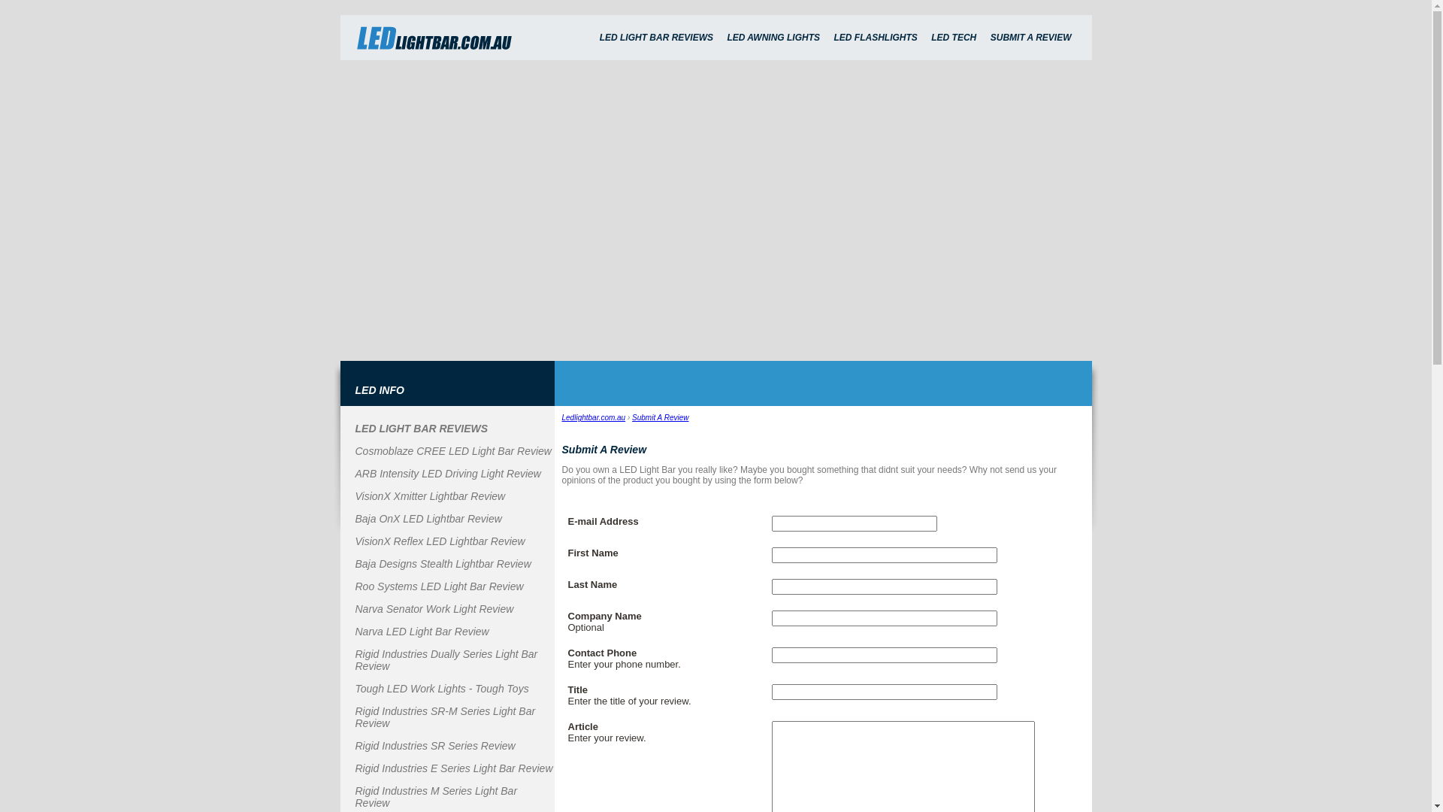  I want to click on 'VisionX Xmitter Lightbar Review', so click(428, 495).